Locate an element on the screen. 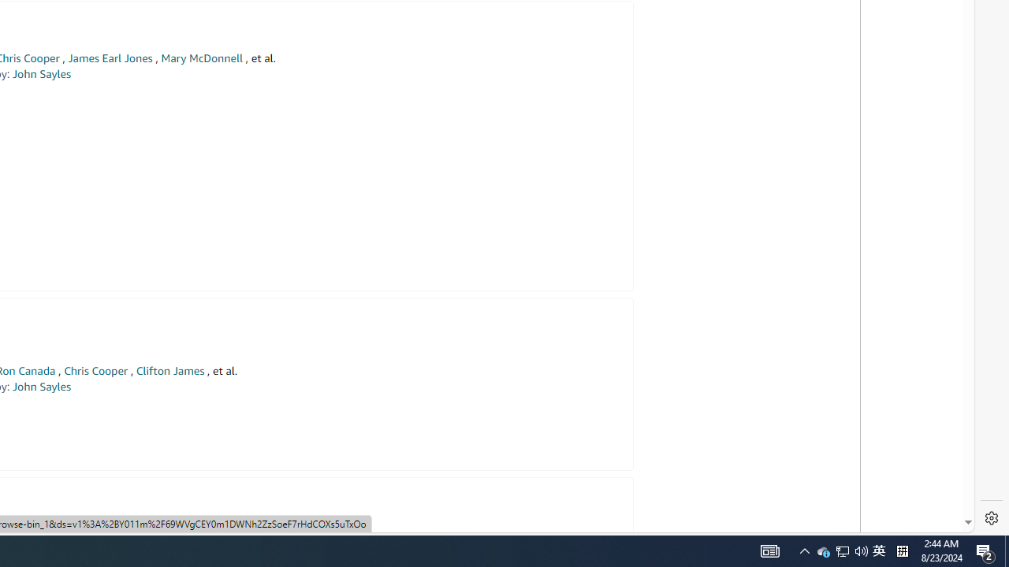 Image resolution: width=1009 pixels, height=567 pixels. 'Clifton James' is located at coordinates (169, 371).